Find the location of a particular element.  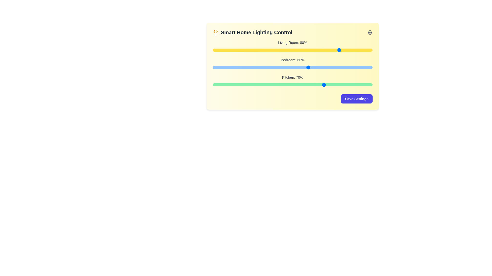

the text label displaying 'Kitchen: 70%' to potentially reveal additional information is located at coordinates (293, 77).